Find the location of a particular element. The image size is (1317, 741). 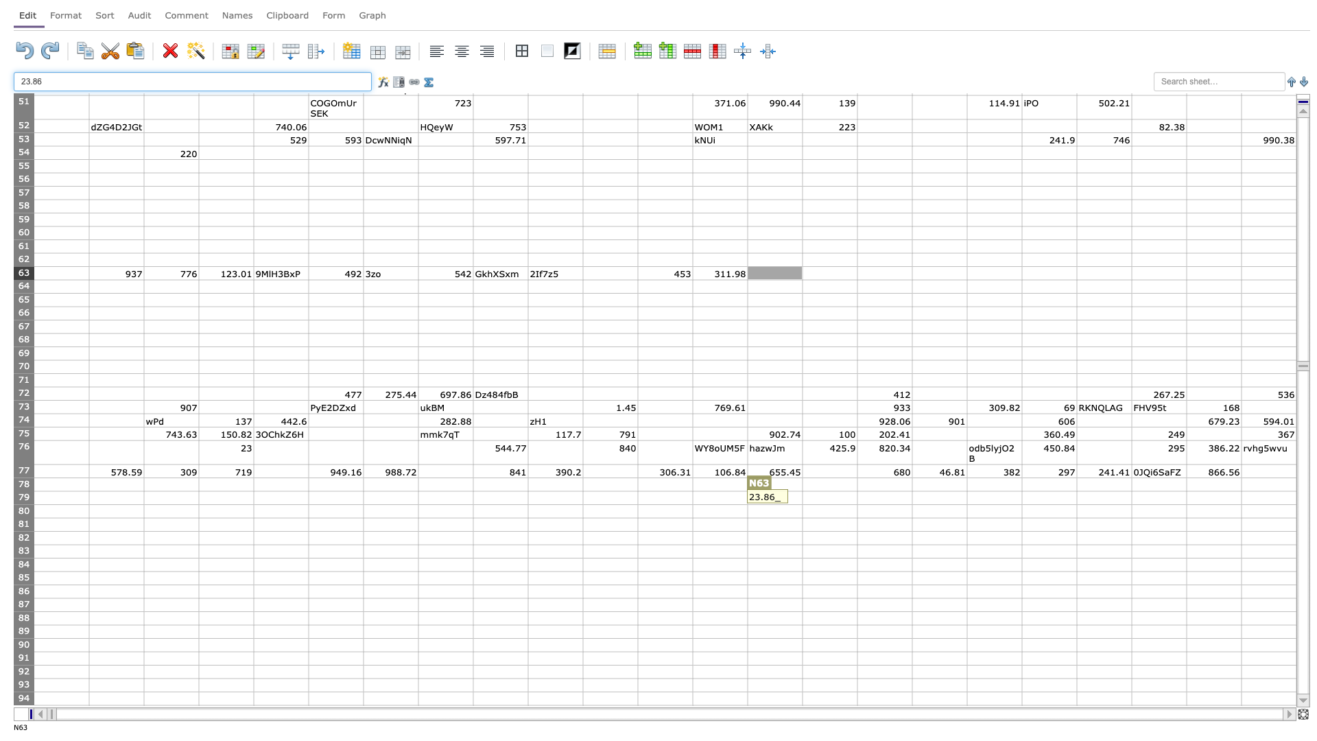

top left corner of cell O79 is located at coordinates (803, 491).